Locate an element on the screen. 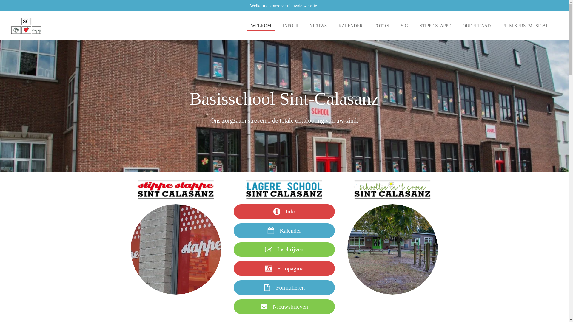  'FILM KERSTMUSICAL' is located at coordinates (525, 25).